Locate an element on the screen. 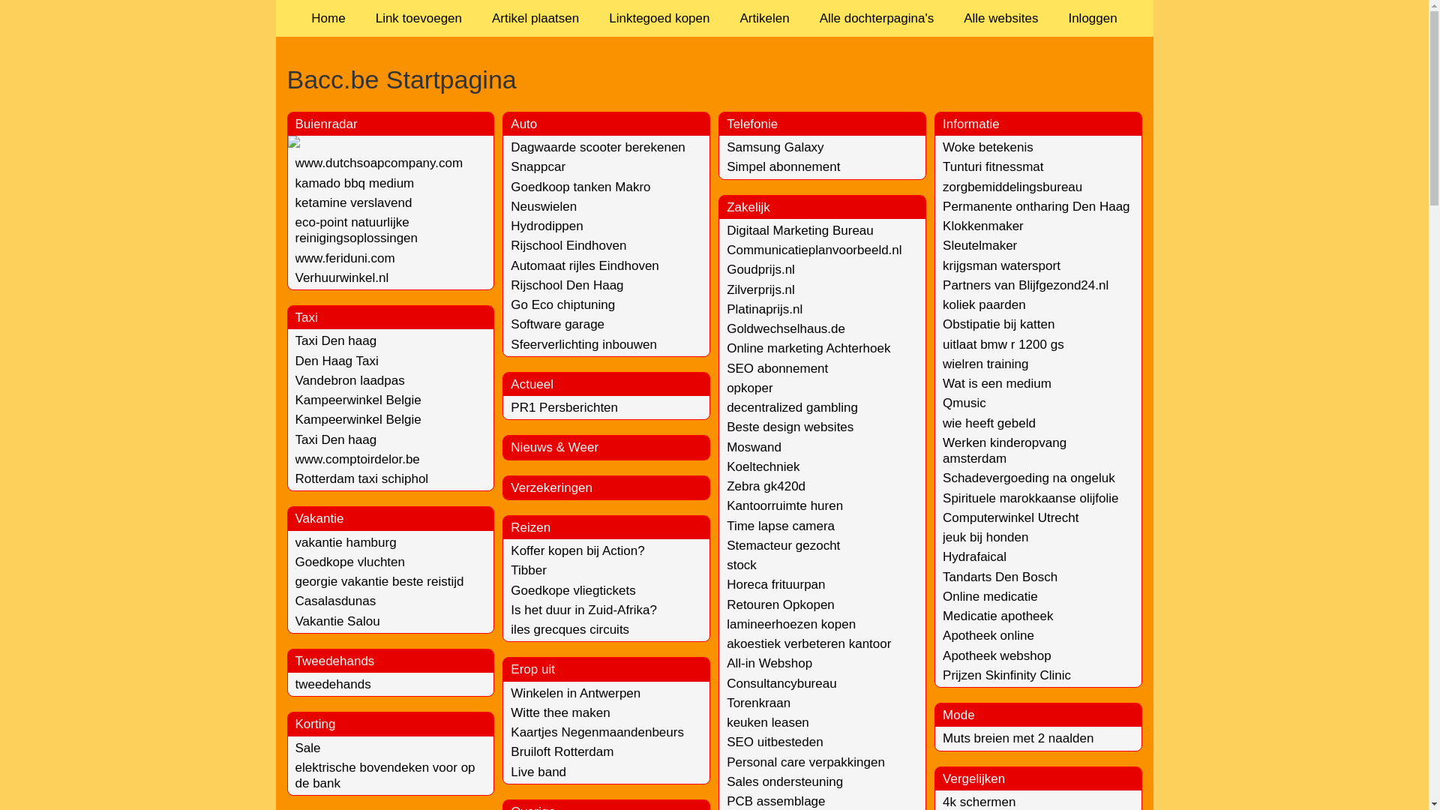  'uitlaat bmw r 1200 gs' is located at coordinates (1003, 344).